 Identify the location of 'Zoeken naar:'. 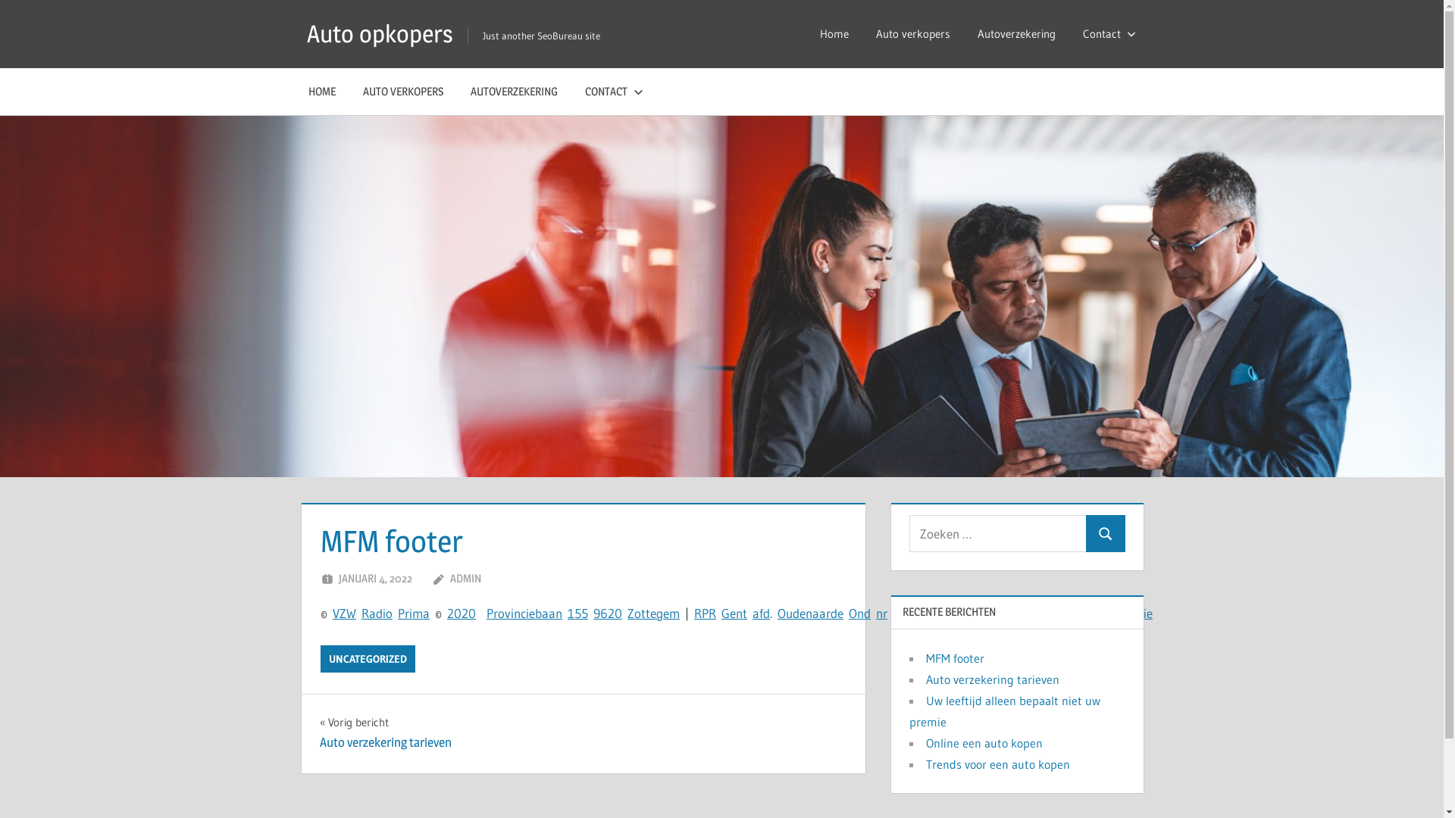
(997, 532).